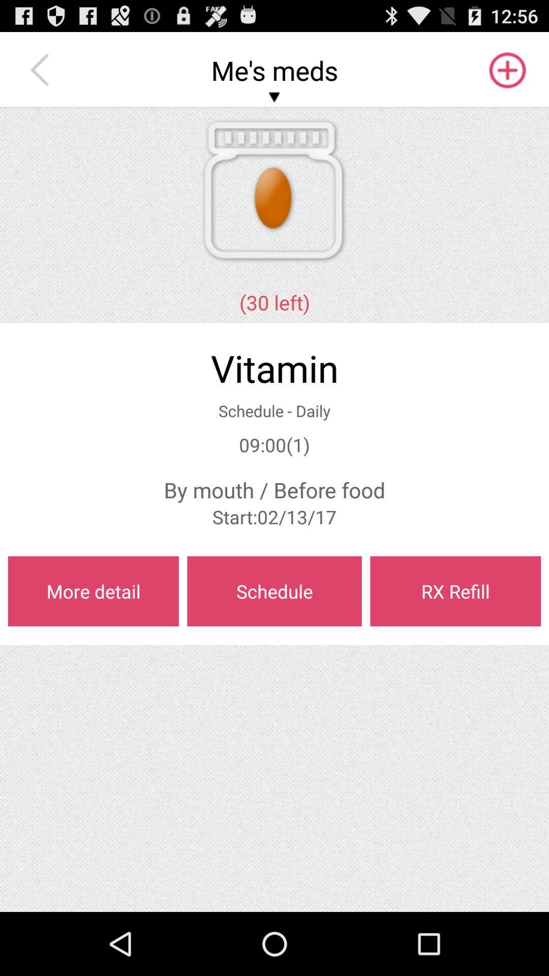  Describe the element at coordinates (42, 70) in the screenshot. I see `item next to the me's meds item` at that location.